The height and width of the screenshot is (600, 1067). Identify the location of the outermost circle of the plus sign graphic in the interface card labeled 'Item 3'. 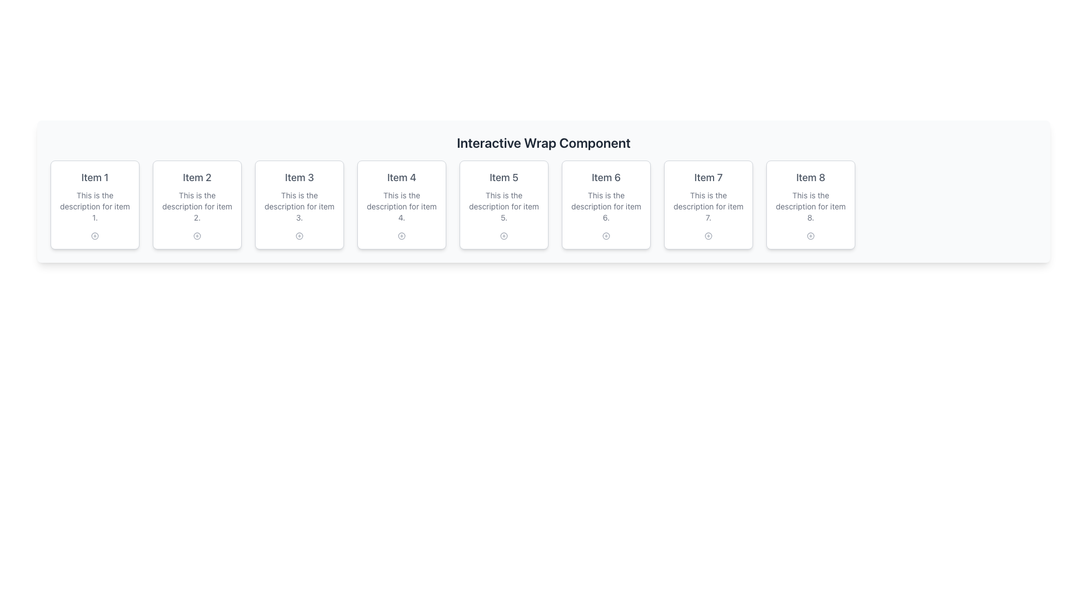
(299, 235).